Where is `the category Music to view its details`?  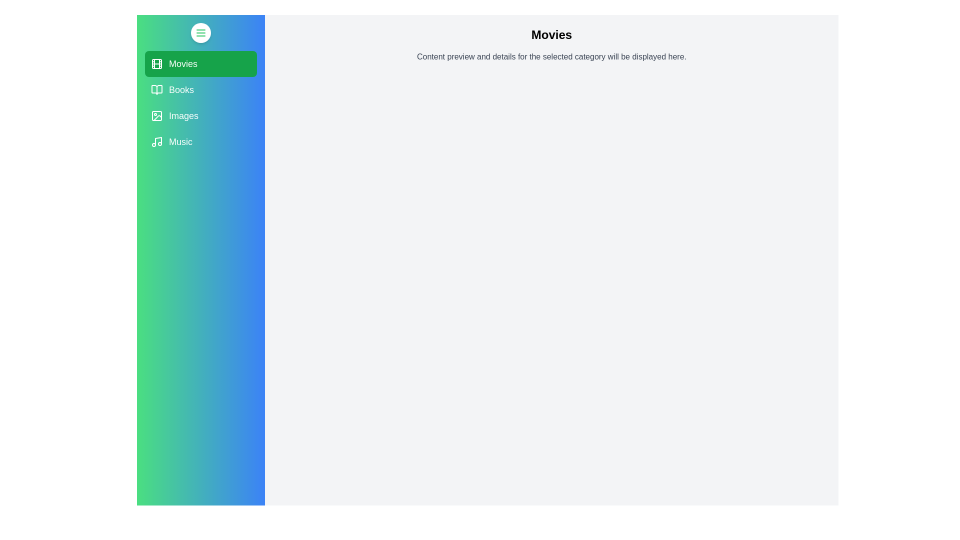 the category Music to view its details is located at coordinates (200, 142).